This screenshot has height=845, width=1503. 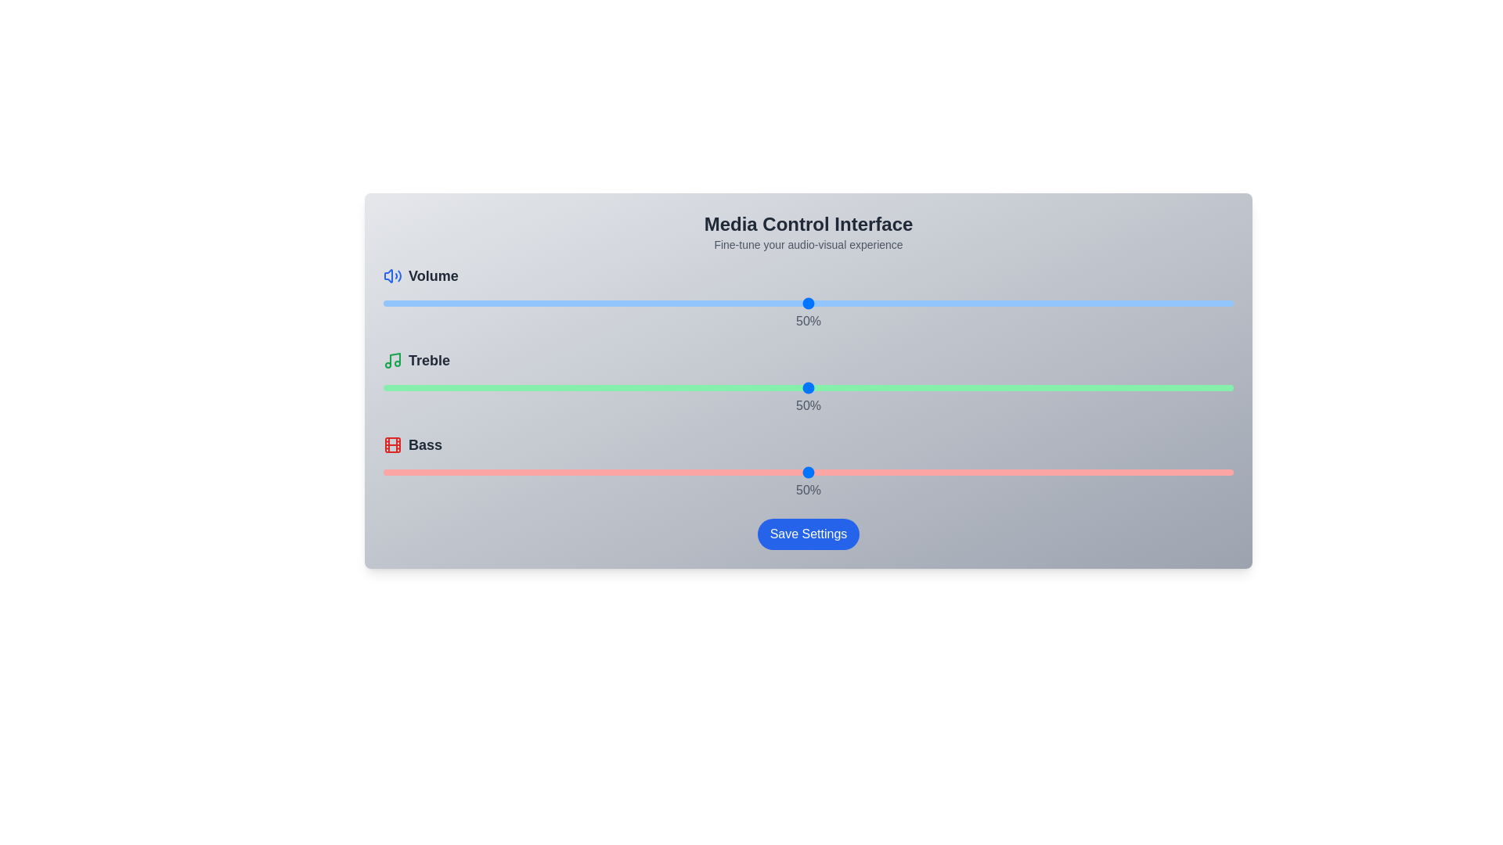 What do you see at coordinates (425, 445) in the screenshot?
I see `the 'Bass' label in the media settings interface, which is located in the third row of controls next to a red film icon` at bounding box center [425, 445].